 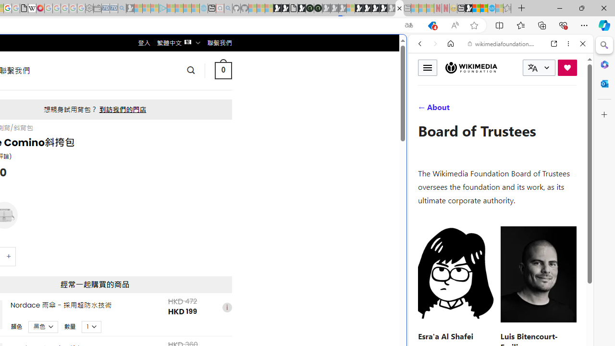 I want to click on 'Future Focus Report 2024', so click(x=318, y=8).